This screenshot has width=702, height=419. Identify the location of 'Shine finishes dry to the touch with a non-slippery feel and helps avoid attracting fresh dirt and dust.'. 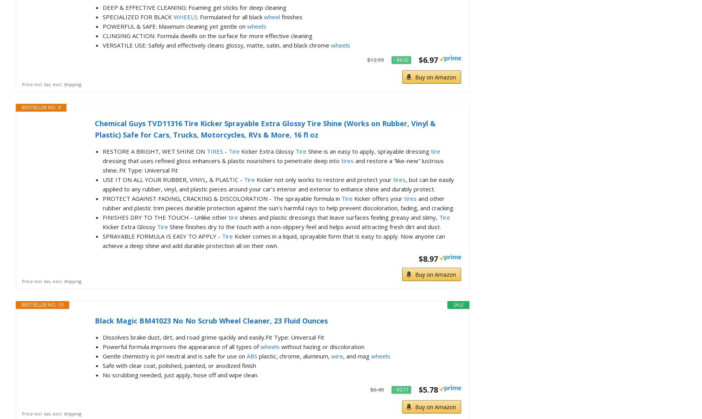
(305, 226).